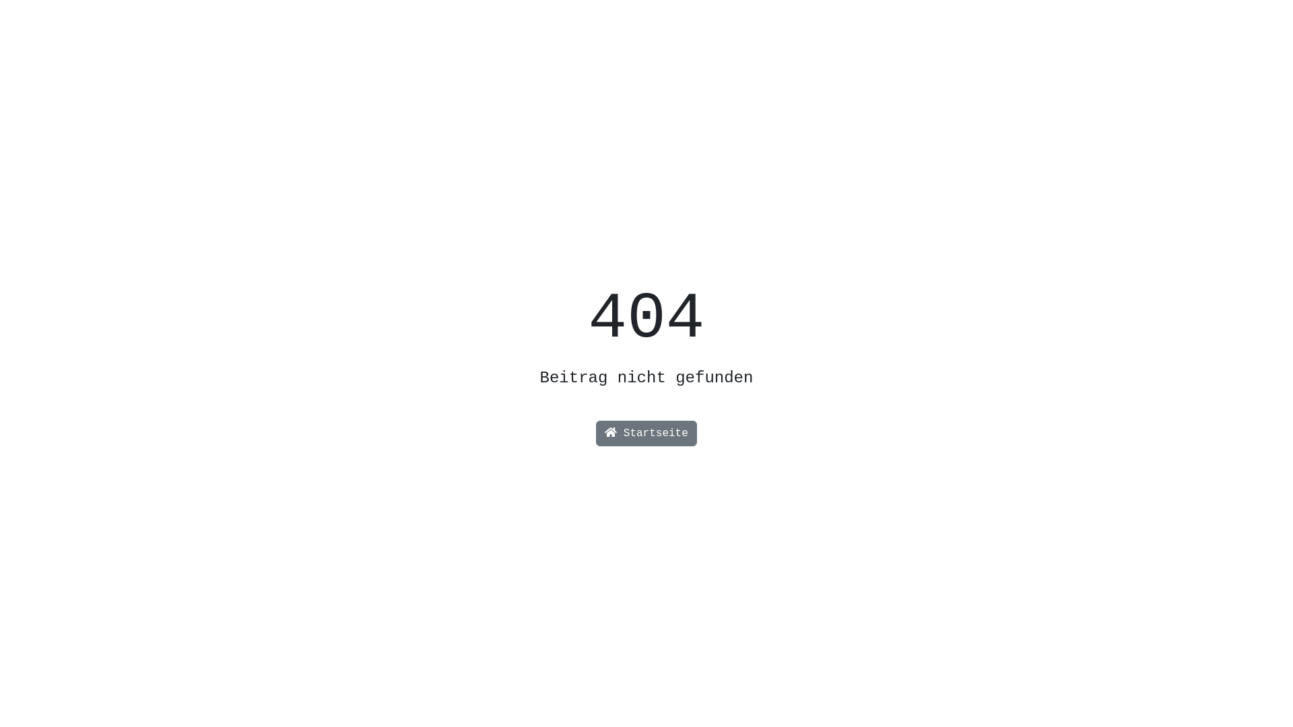 The height and width of the screenshot is (727, 1293). What do you see at coordinates (595, 434) in the screenshot?
I see `'Startseite'` at bounding box center [595, 434].